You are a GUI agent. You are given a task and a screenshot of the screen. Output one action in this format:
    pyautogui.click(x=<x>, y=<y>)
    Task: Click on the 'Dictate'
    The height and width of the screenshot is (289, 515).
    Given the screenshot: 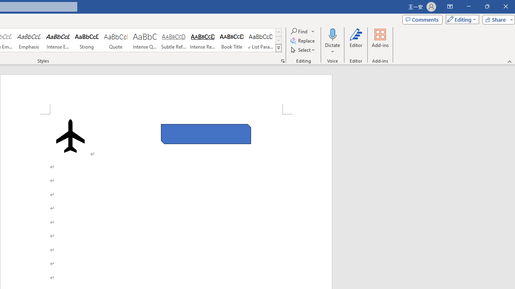 What is the action you would take?
    pyautogui.click(x=332, y=41)
    